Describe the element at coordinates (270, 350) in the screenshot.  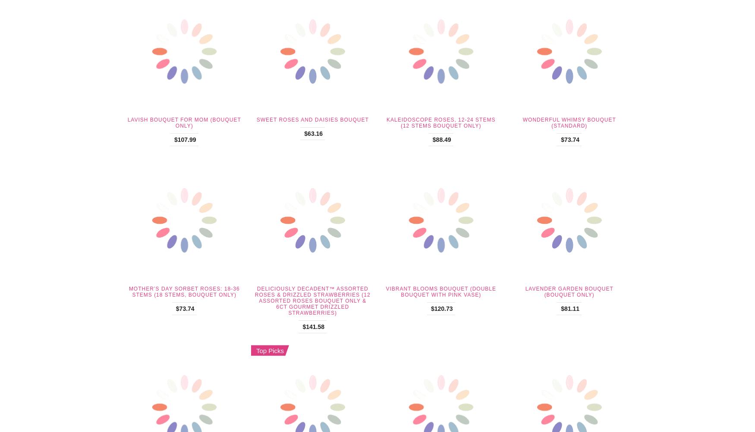
I see `'Top Picks'` at that location.